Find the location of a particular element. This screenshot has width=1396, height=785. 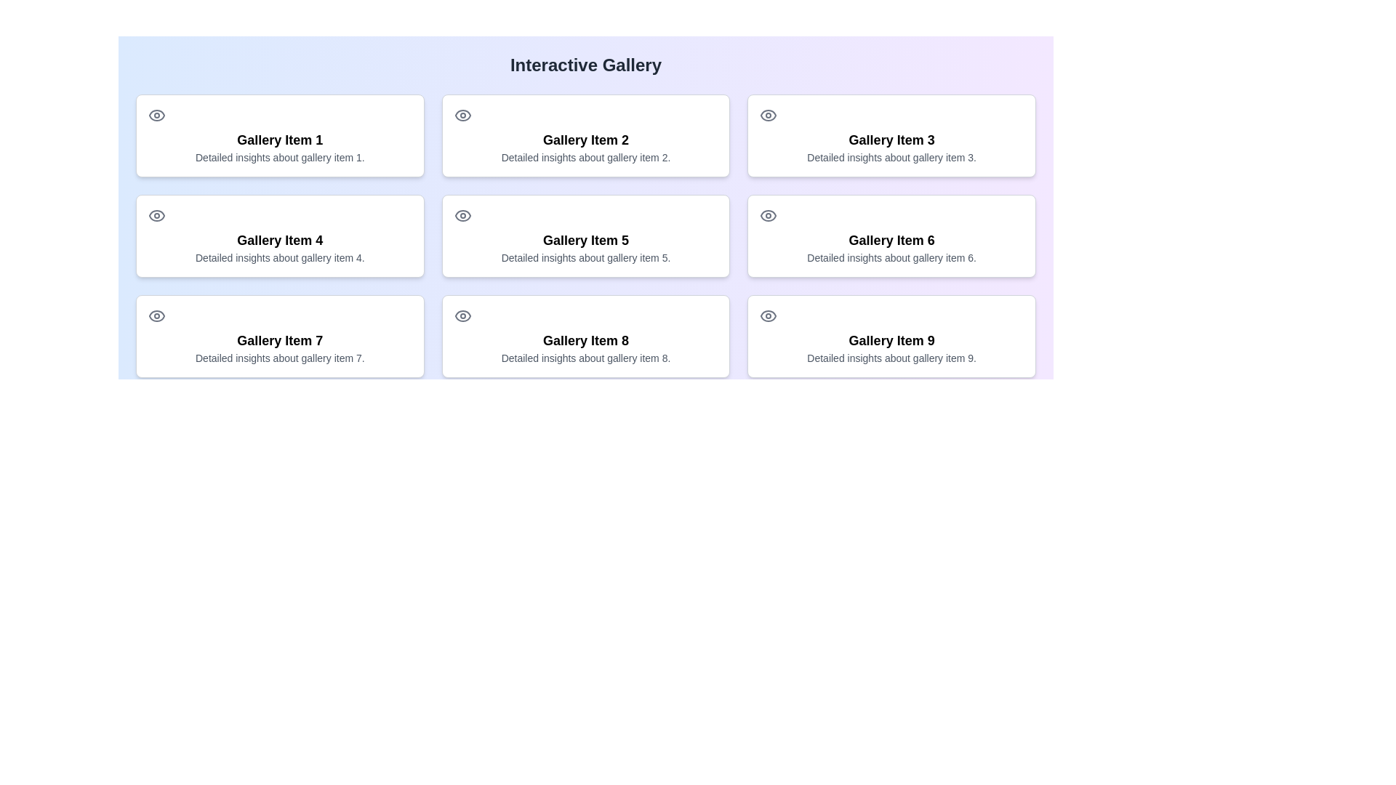

the visual indicator icon located at the top-left corner of the card labeled 'Gallery Item 8' to initiate an action is located at coordinates (462, 315).